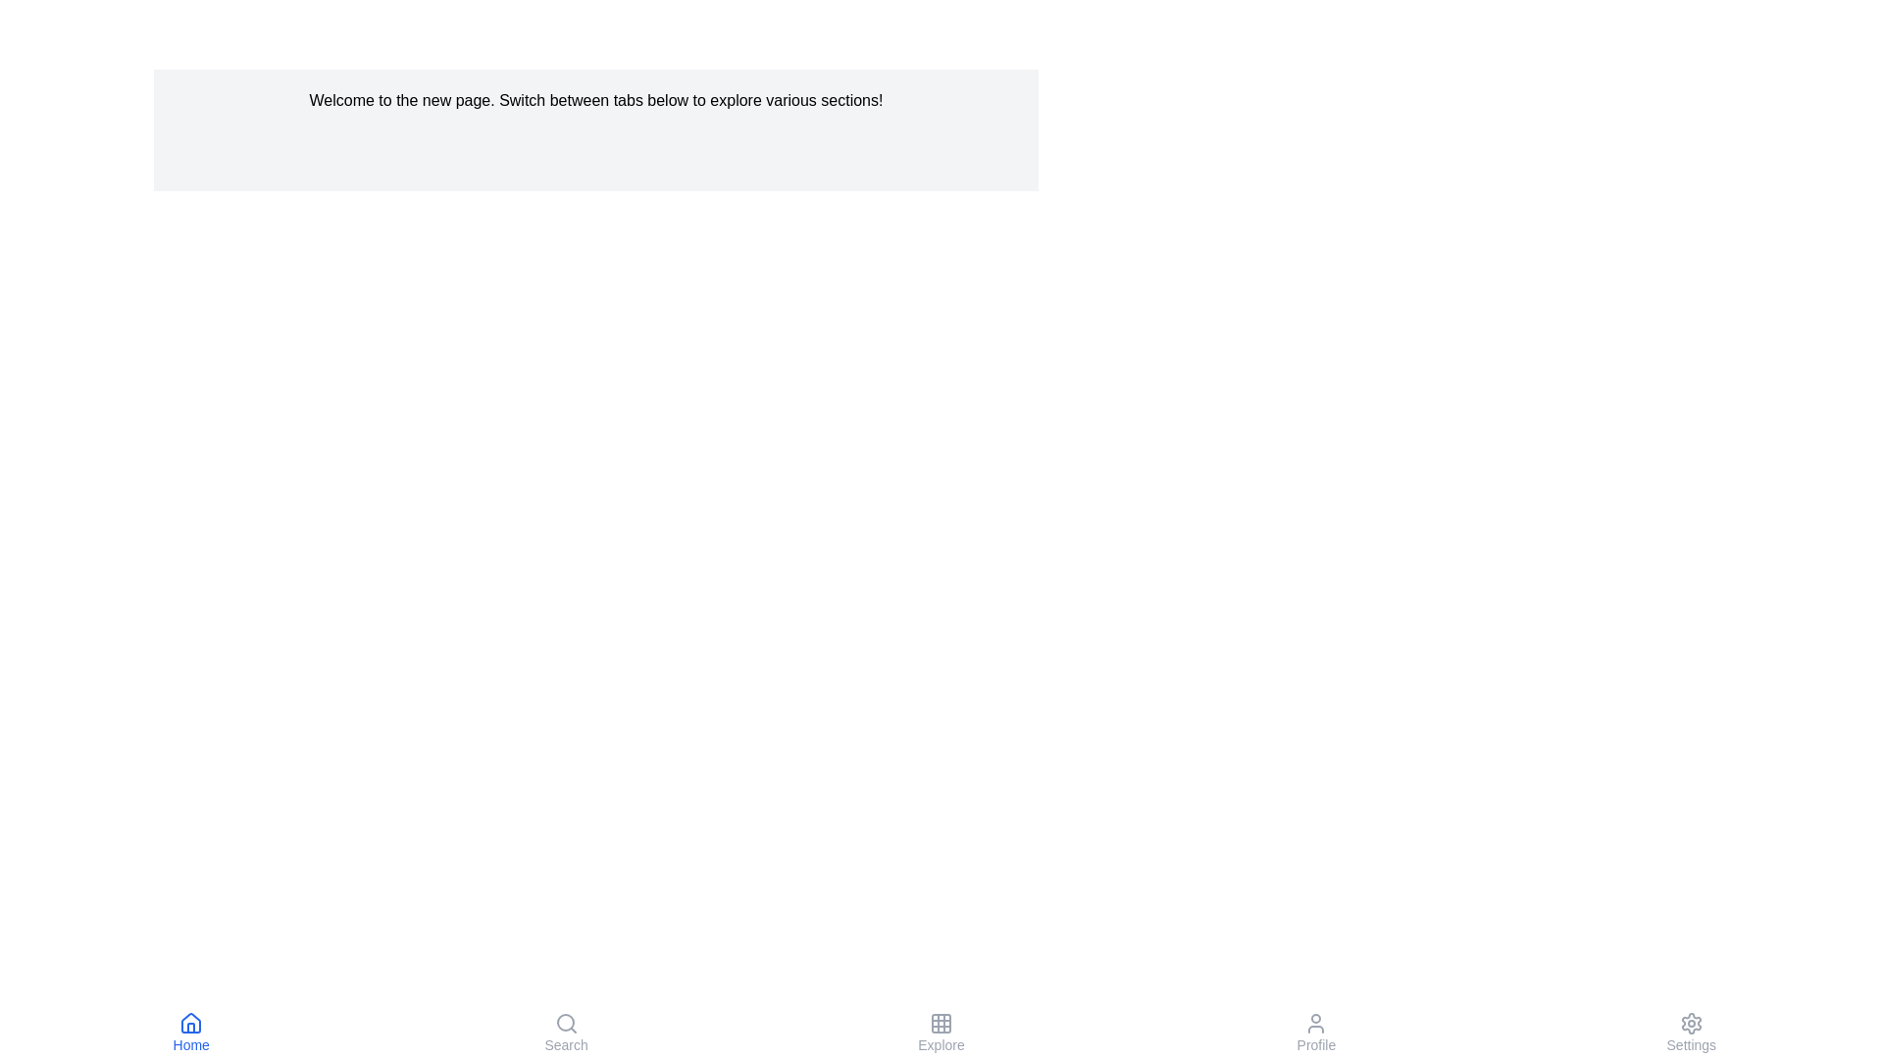 This screenshot has width=1883, height=1059. Describe the element at coordinates (564, 1021) in the screenshot. I see `the decorative circle within the SVG search icon located` at that location.